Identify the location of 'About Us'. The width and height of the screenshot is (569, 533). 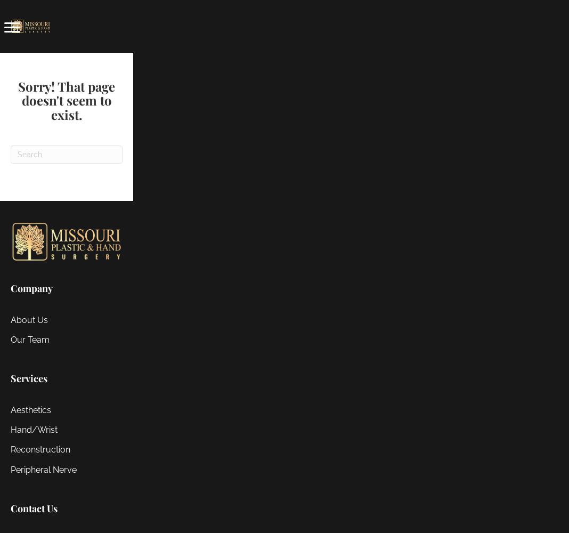
(29, 319).